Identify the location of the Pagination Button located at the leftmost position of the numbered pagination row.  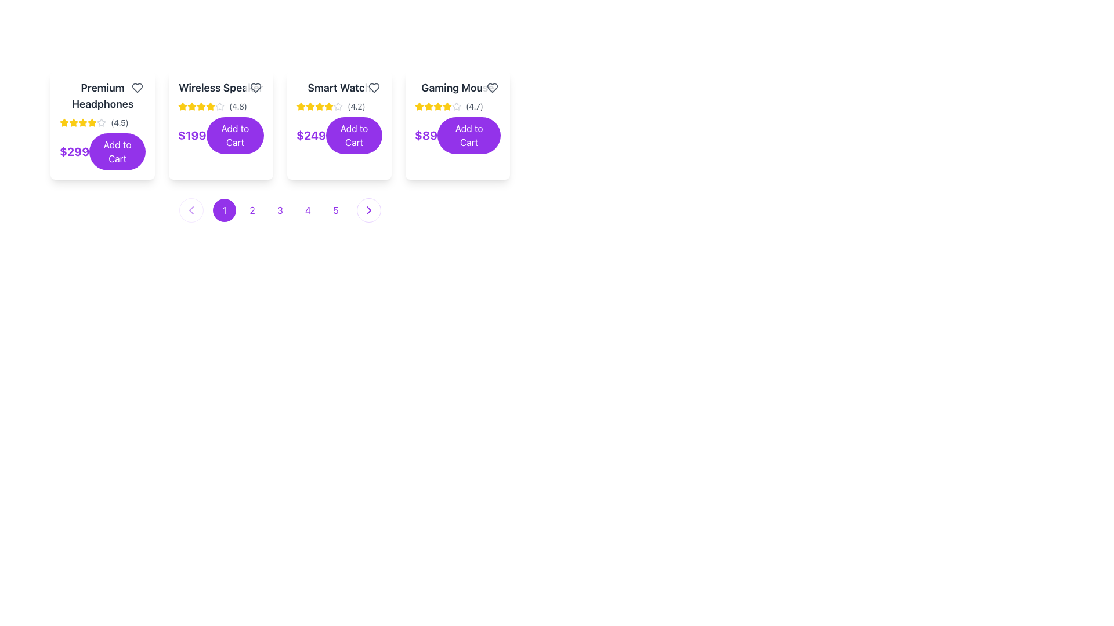
(225, 210).